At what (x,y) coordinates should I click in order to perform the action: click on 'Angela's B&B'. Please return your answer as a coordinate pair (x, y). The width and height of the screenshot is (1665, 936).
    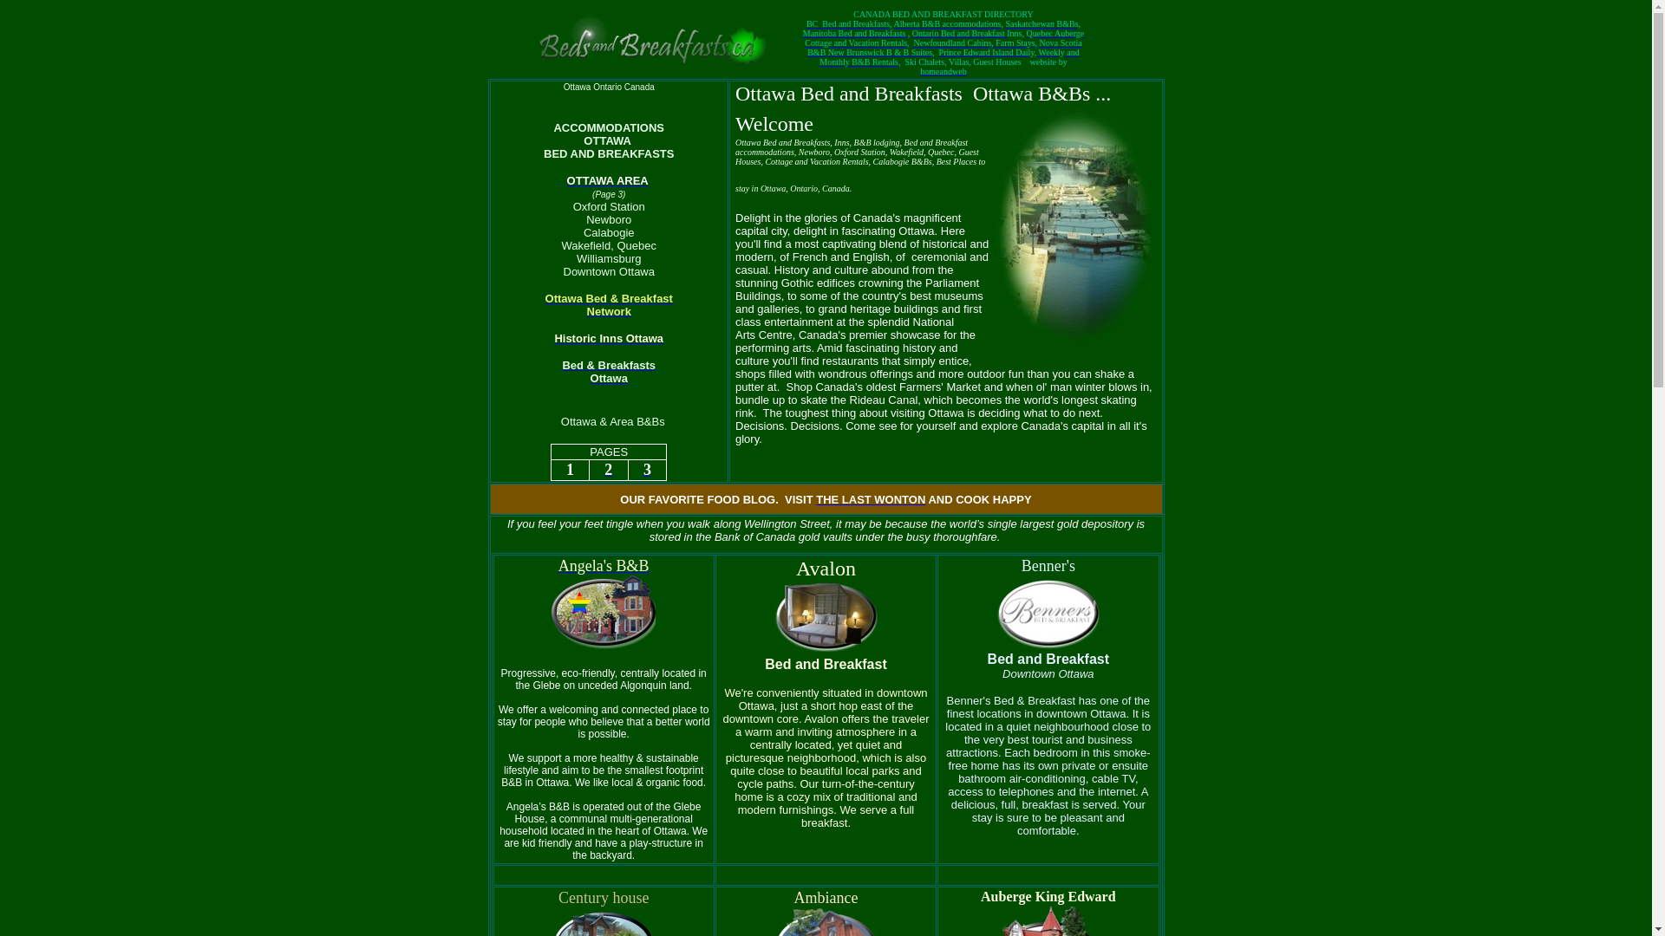
    Looking at the image, I should click on (550, 605).